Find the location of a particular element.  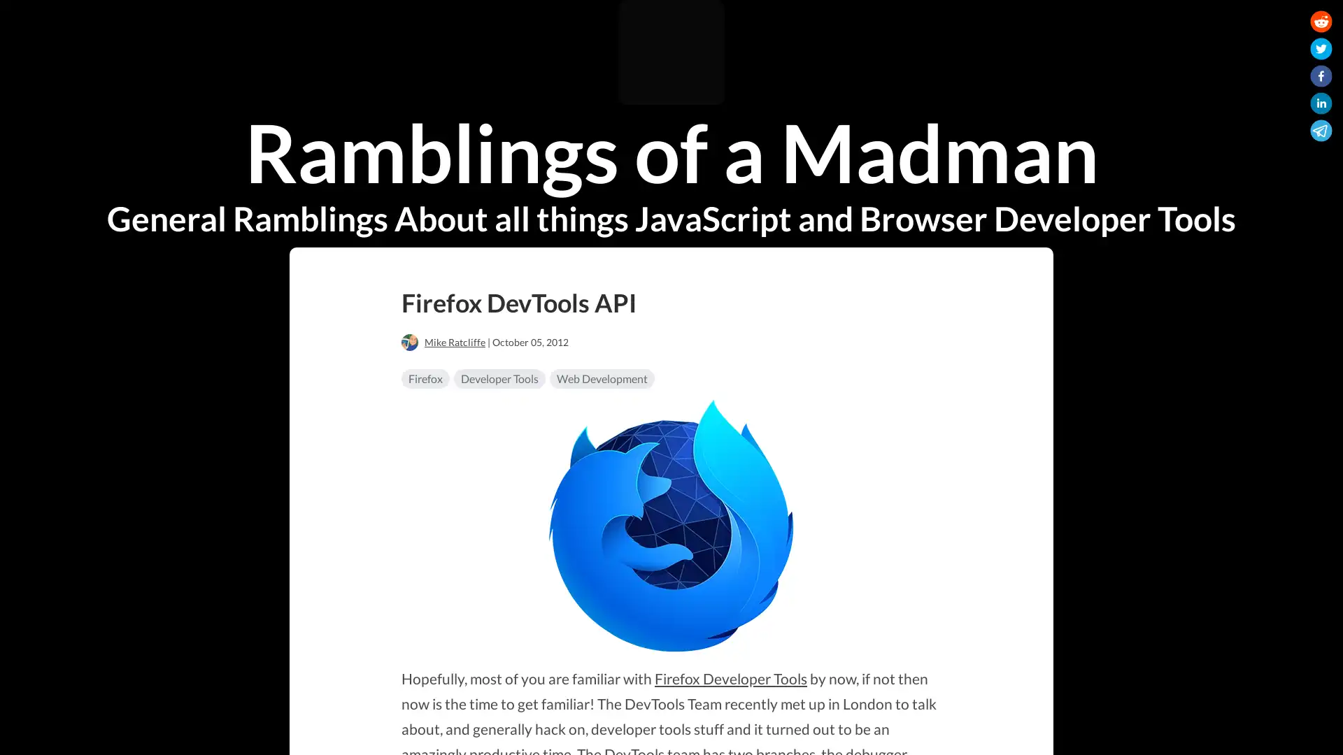

telegram is located at coordinates (1321, 133).